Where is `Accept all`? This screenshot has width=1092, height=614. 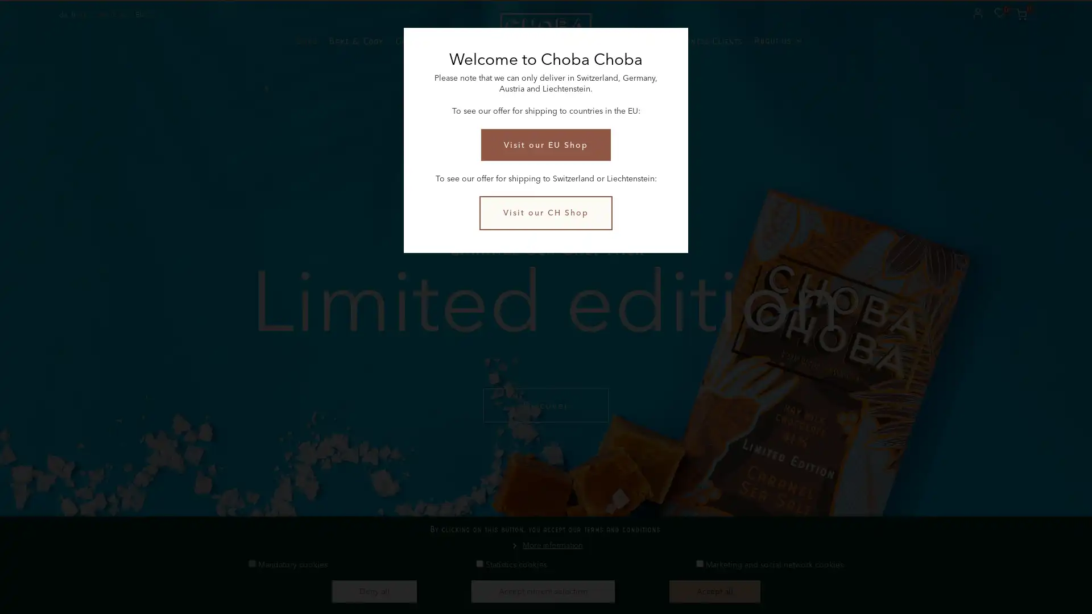 Accept all is located at coordinates (714, 591).